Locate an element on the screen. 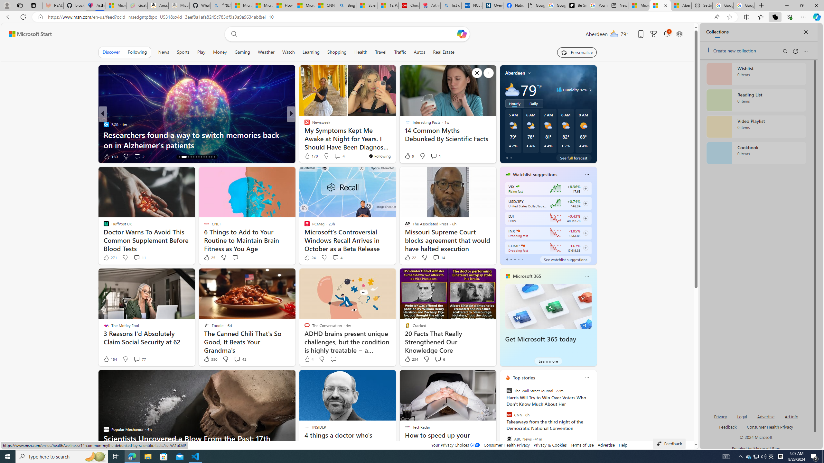  'AutomationID: tab-18' is located at coordinates (193, 157).